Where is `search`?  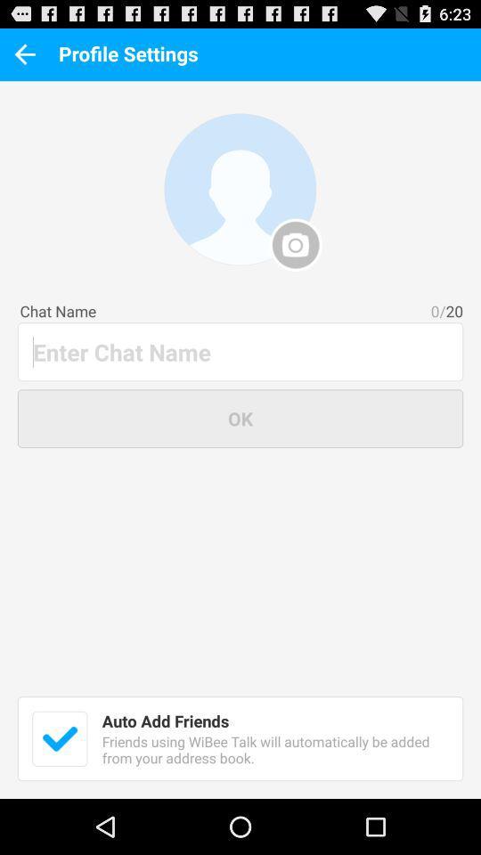
search is located at coordinates (240, 351).